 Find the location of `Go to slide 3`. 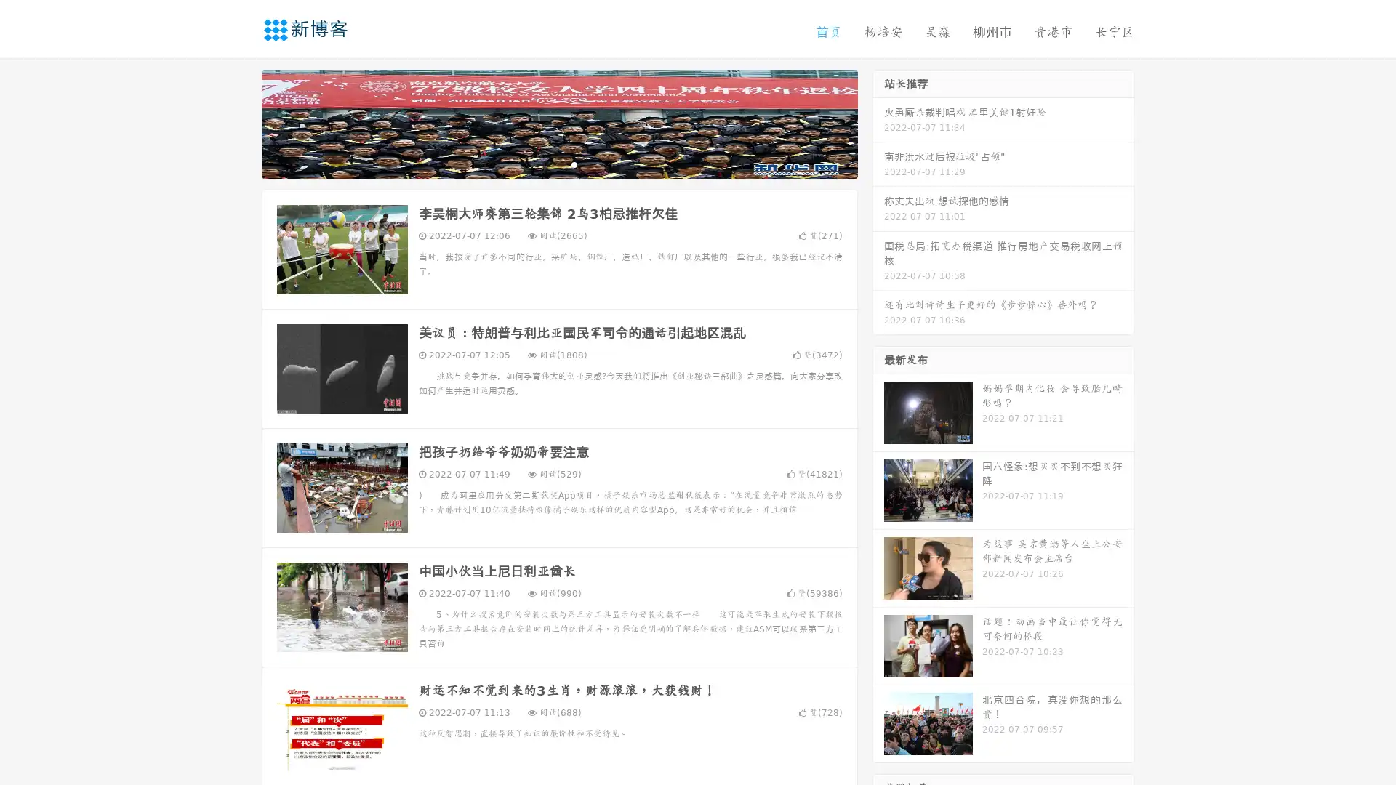

Go to slide 3 is located at coordinates (574, 164).